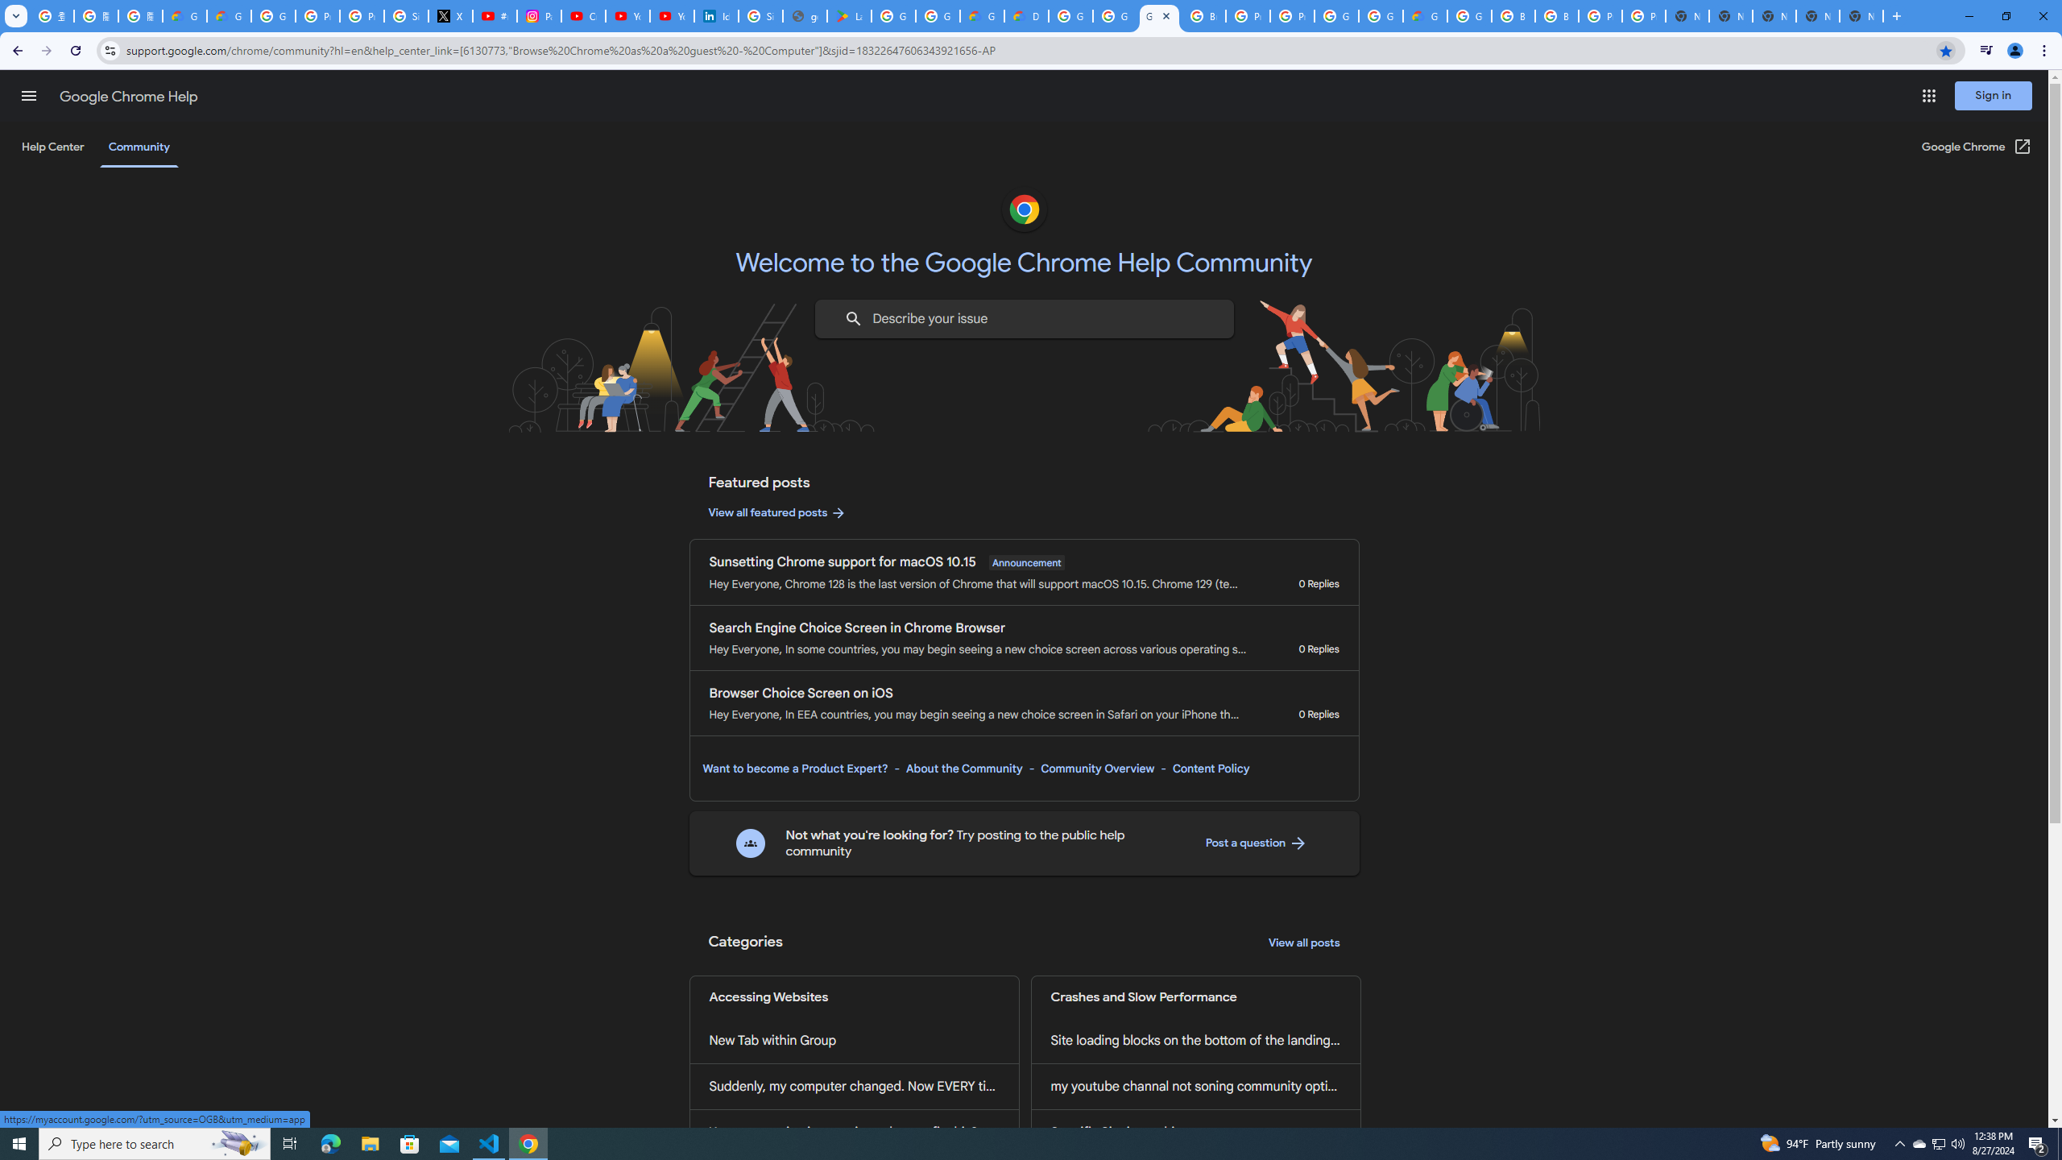 This screenshot has height=1160, width=2062. Describe the element at coordinates (361, 15) in the screenshot. I see `'Privacy Help Center - Policies Help'` at that location.